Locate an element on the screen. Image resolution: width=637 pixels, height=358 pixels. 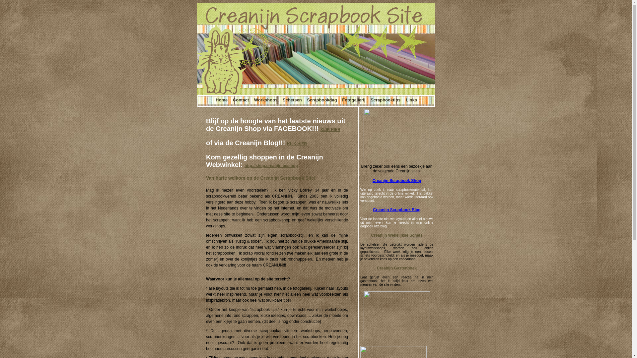
'Scrapbooktips' is located at coordinates (386, 100).